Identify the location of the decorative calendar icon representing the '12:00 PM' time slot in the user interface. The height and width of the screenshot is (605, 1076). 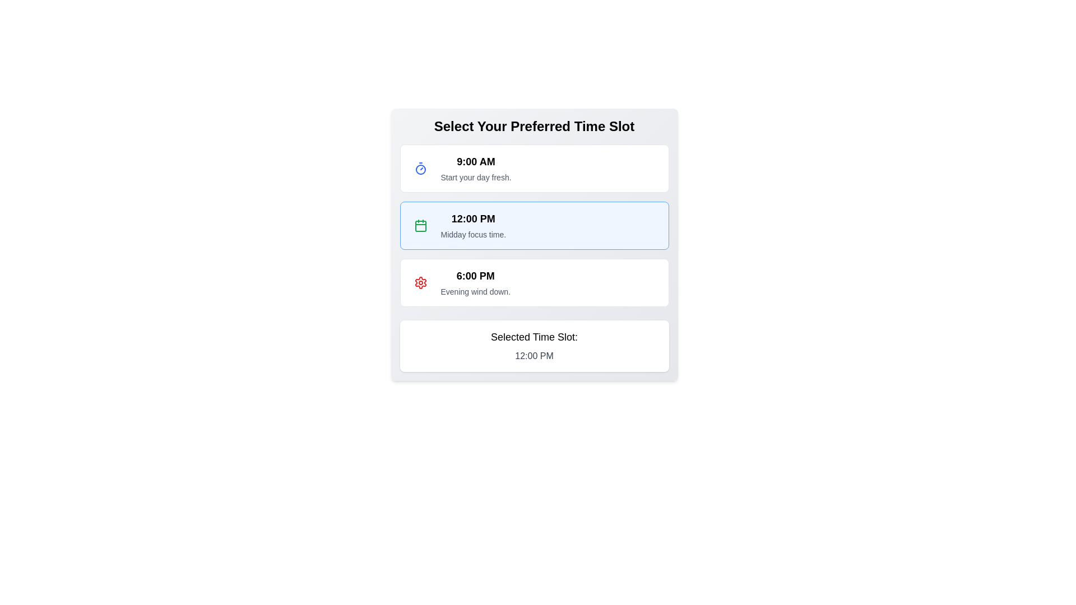
(420, 226).